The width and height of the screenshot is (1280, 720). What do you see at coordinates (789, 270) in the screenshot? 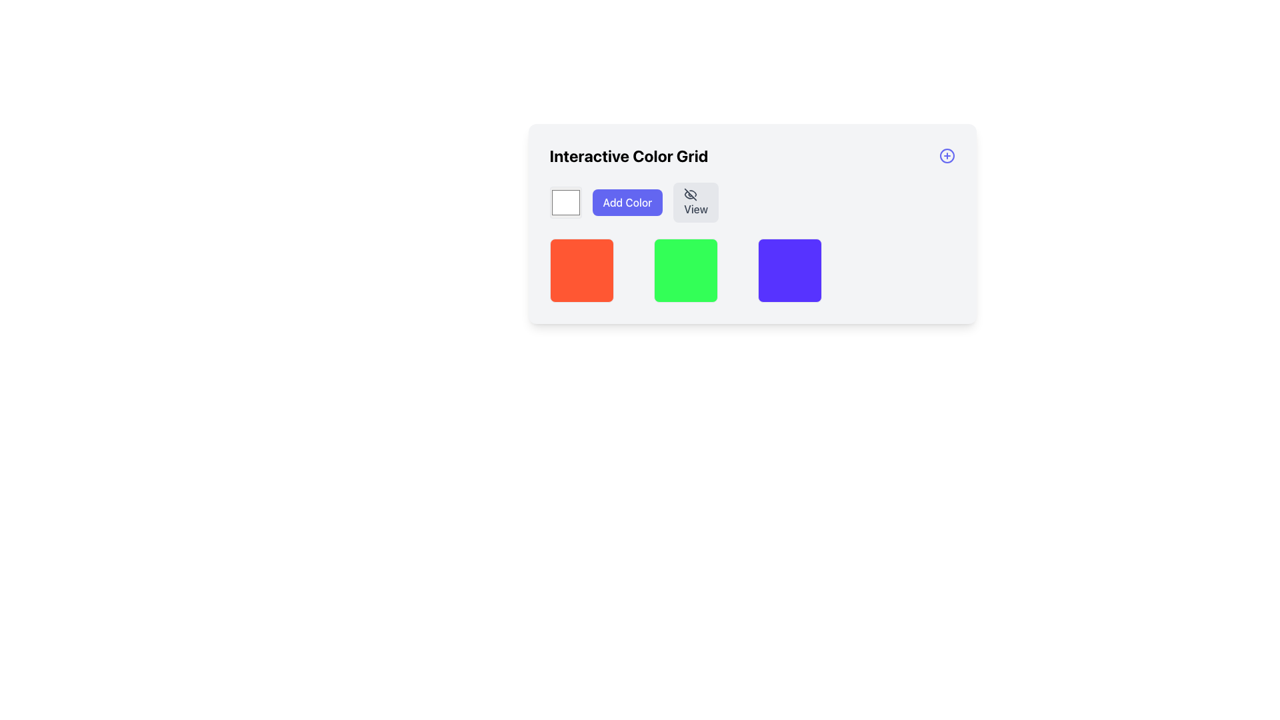
I see `the vibrant purple square box with rounded borders located` at bounding box center [789, 270].